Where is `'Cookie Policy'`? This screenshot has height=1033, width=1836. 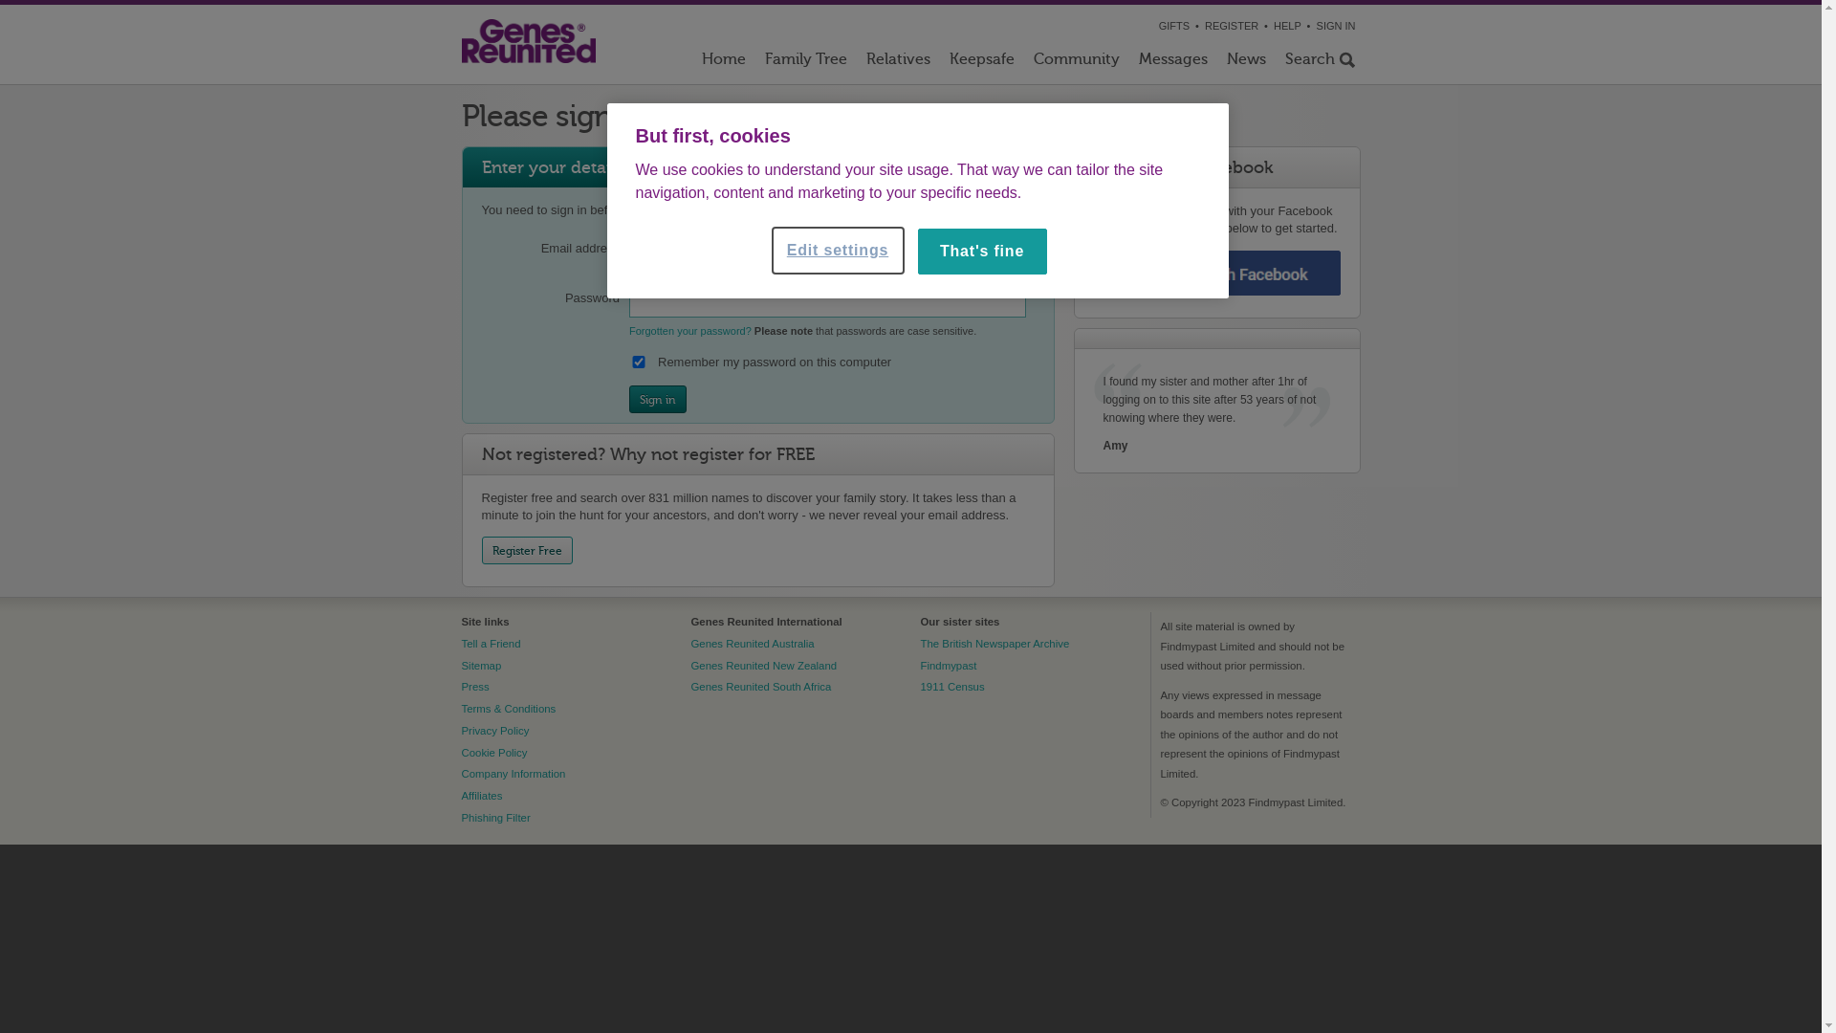 'Cookie Policy' is located at coordinates (493, 751).